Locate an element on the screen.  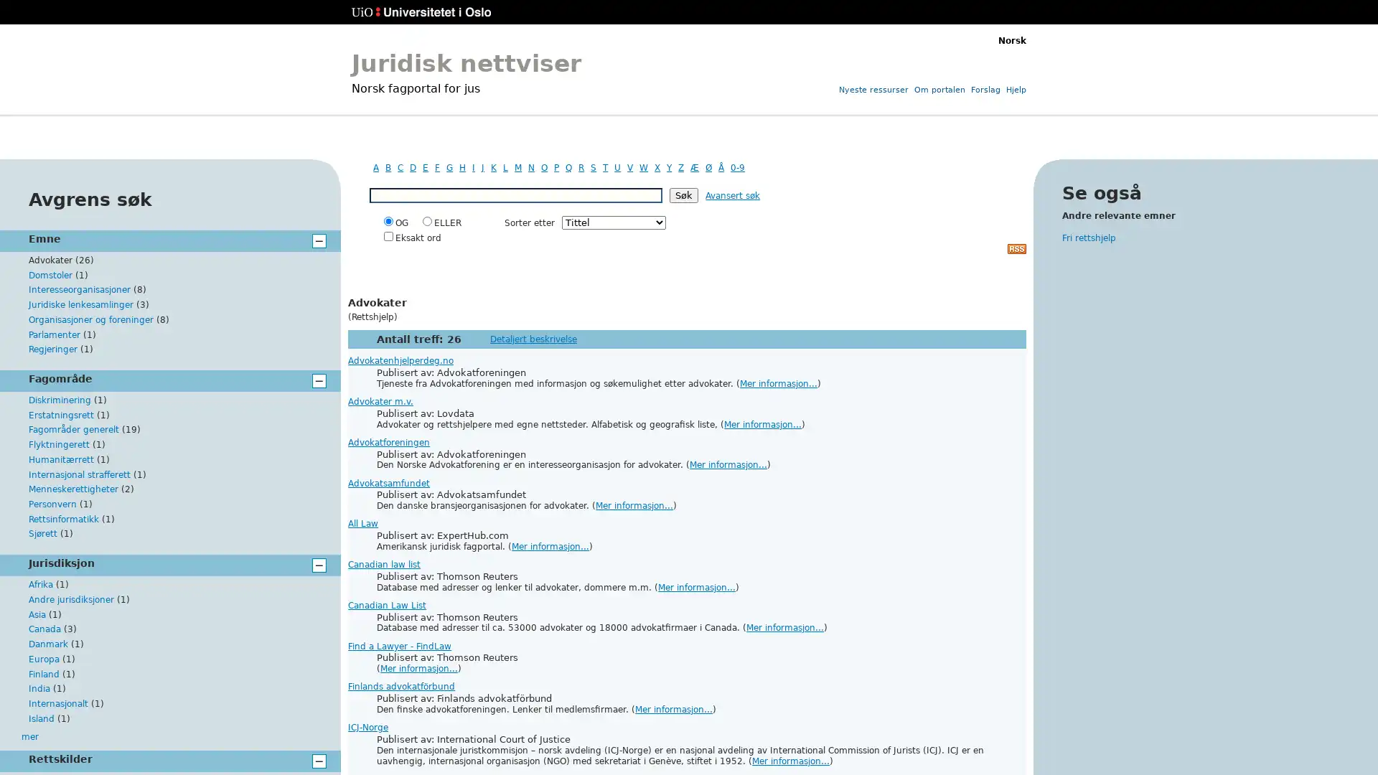
Sk is located at coordinates (683, 195).